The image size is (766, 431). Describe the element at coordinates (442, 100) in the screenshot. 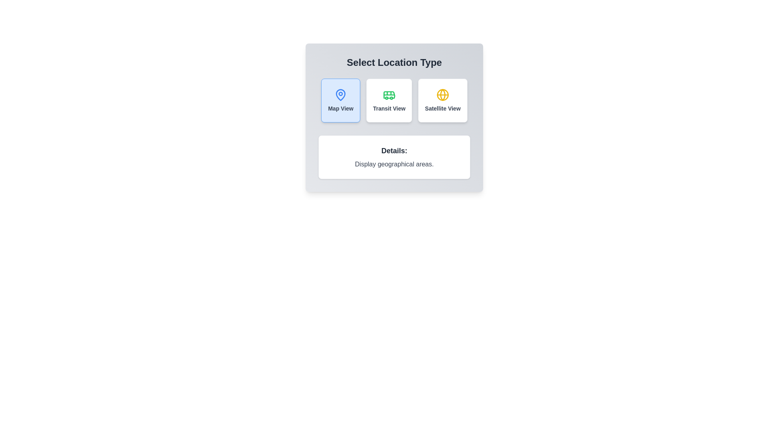

I see `the rectangular button labeled 'Satellite View' with a yellow globe icon` at that location.